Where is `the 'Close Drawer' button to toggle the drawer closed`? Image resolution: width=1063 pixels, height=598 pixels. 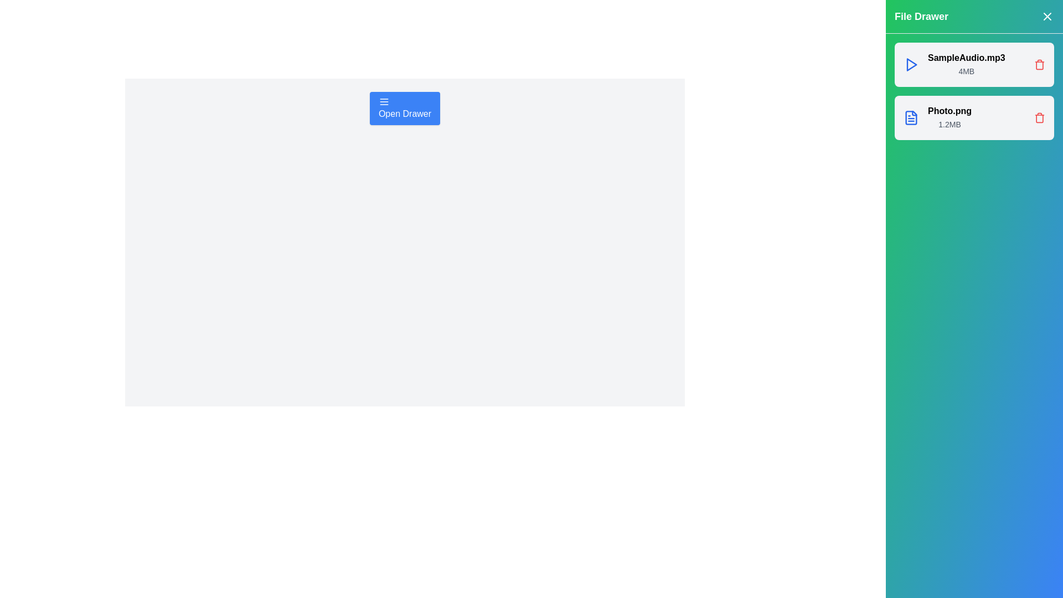 the 'Close Drawer' button to toggle the drawer closed is located at coordinates (1046, 17).